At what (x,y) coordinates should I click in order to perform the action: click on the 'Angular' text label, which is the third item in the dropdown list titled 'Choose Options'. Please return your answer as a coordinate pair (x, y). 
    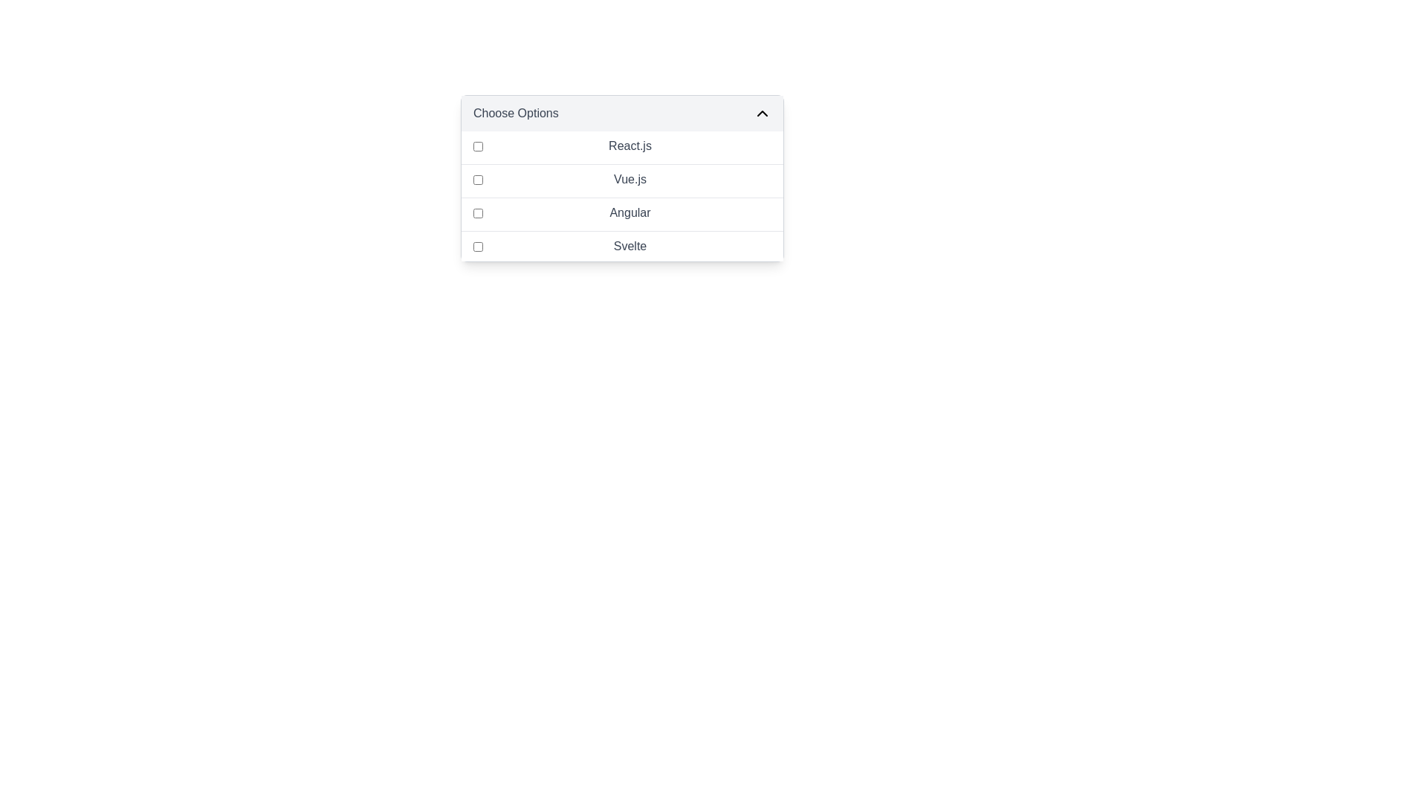
    Looking at the image, I should click on (630, 212).